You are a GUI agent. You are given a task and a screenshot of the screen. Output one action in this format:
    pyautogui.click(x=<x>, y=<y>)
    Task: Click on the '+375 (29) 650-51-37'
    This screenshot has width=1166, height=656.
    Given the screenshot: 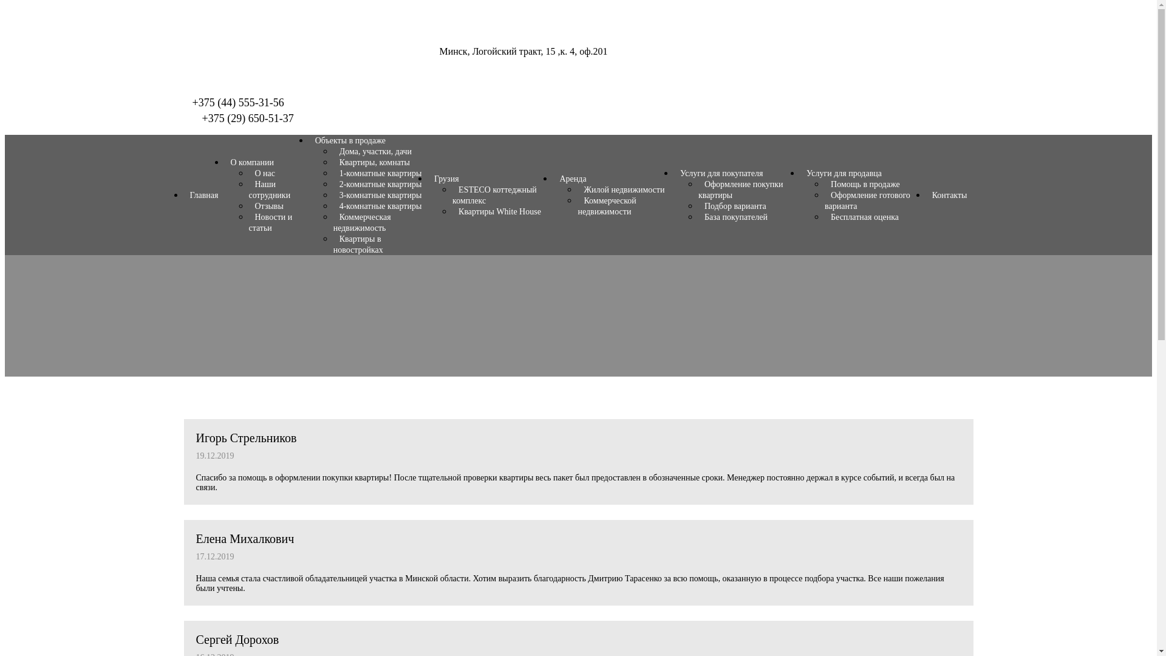 What is the action you would take?
    pyautogui.click(x=201, y=117)
    